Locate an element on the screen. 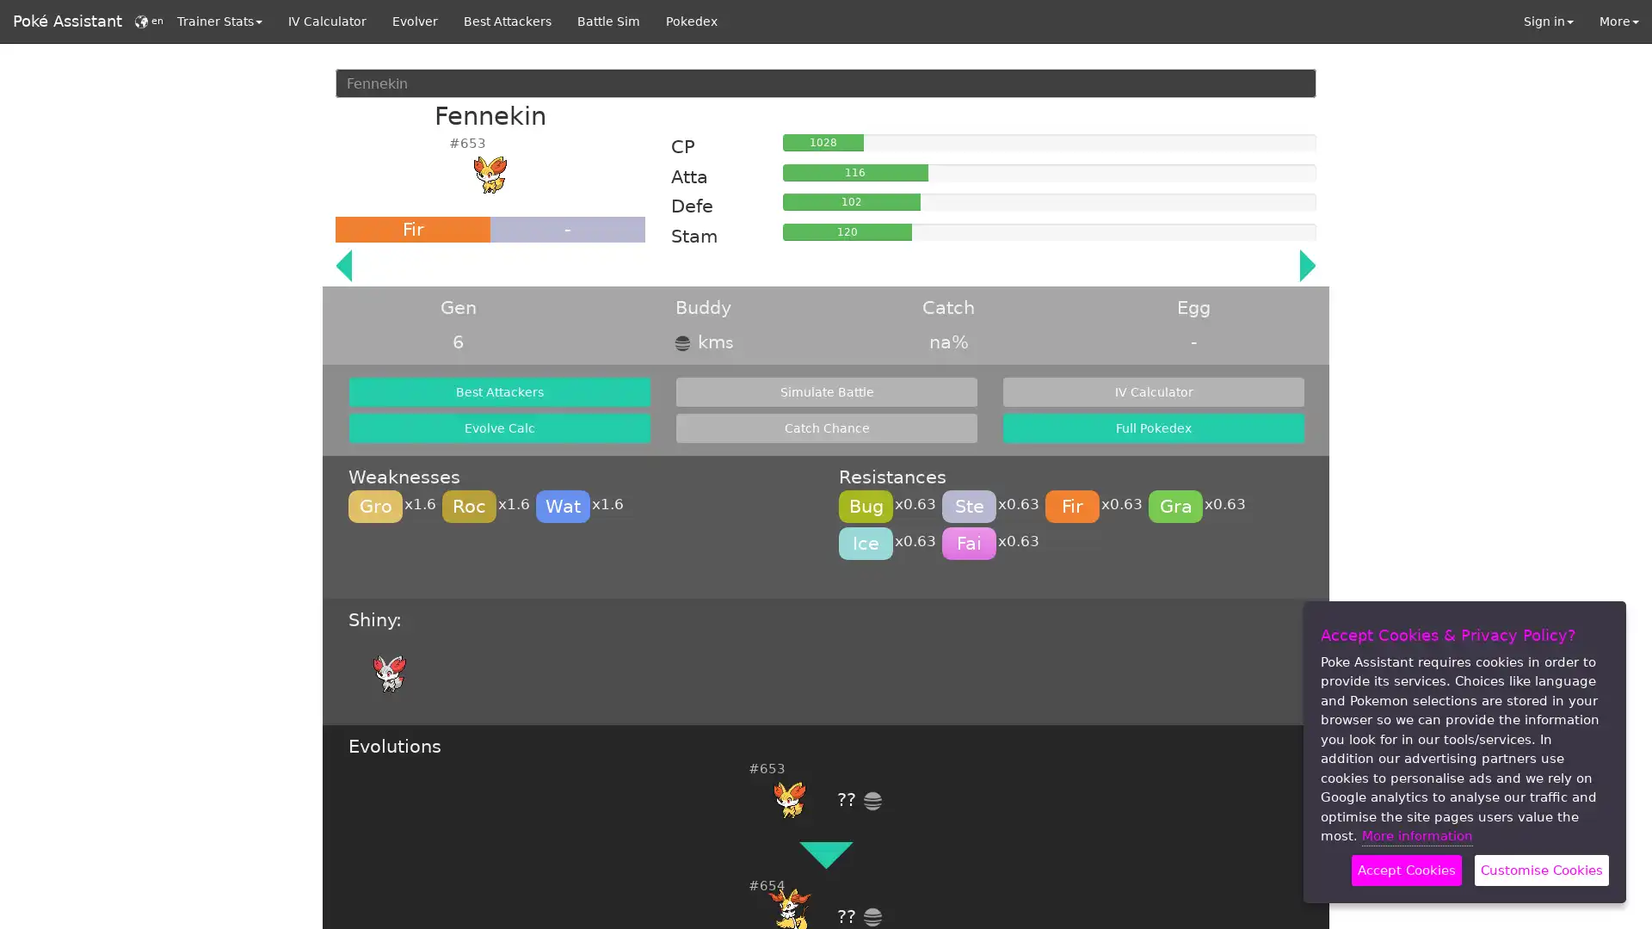 This screenshot has height=929, width=1652. Customise Cookies is located at coordinates (1541, 870).